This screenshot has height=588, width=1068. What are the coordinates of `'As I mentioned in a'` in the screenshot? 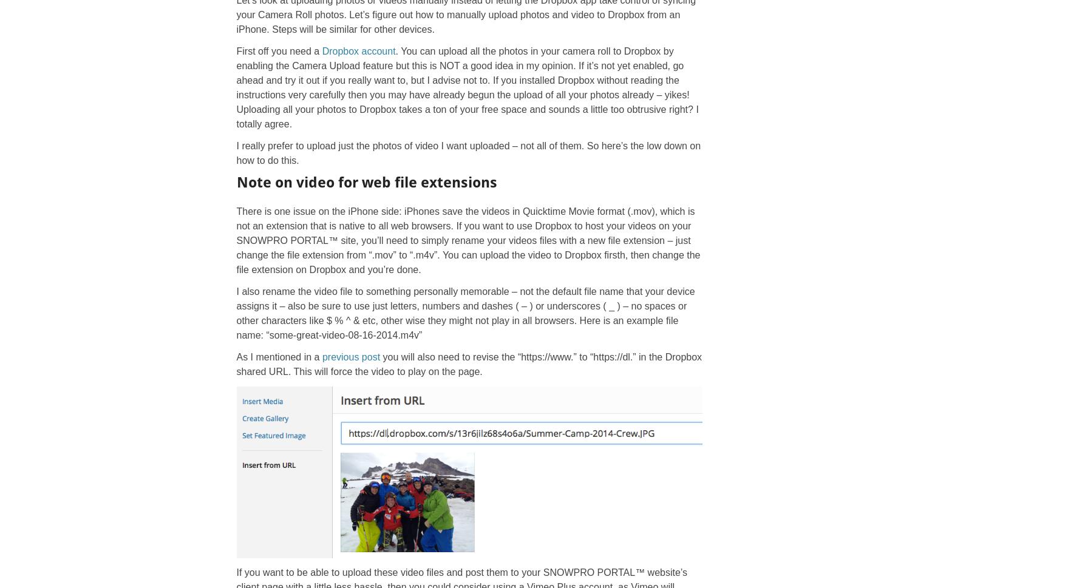 It's located at (279, 356).